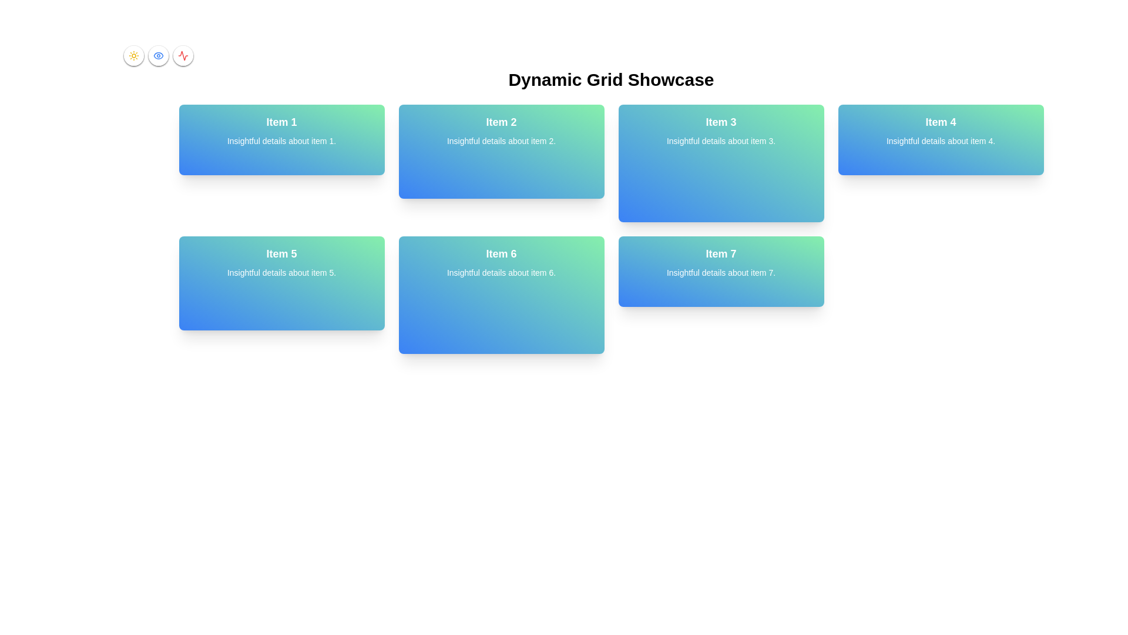 The height and width of the screenshot is (635, 1128). I want to click on the middle circular button in the row of three, so click(157, 56).